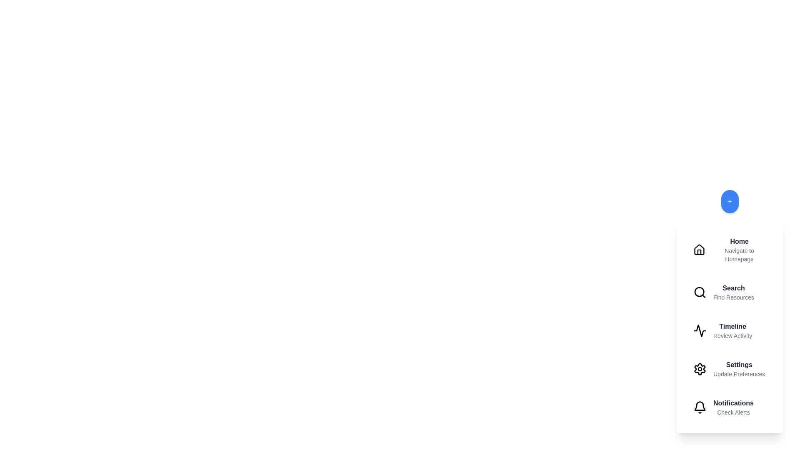 This screenshot has width=800, height=450. What do you see at coordinates (739, 374) in the screenshot?
I see `the descriptive text of the menu item labeled Settings to select it` at bounding box center [739, 374].